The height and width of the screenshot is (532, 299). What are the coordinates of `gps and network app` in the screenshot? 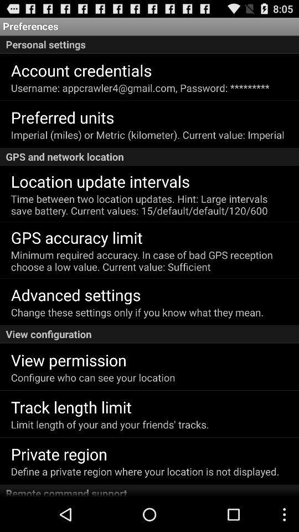 It's located at (149, 156).